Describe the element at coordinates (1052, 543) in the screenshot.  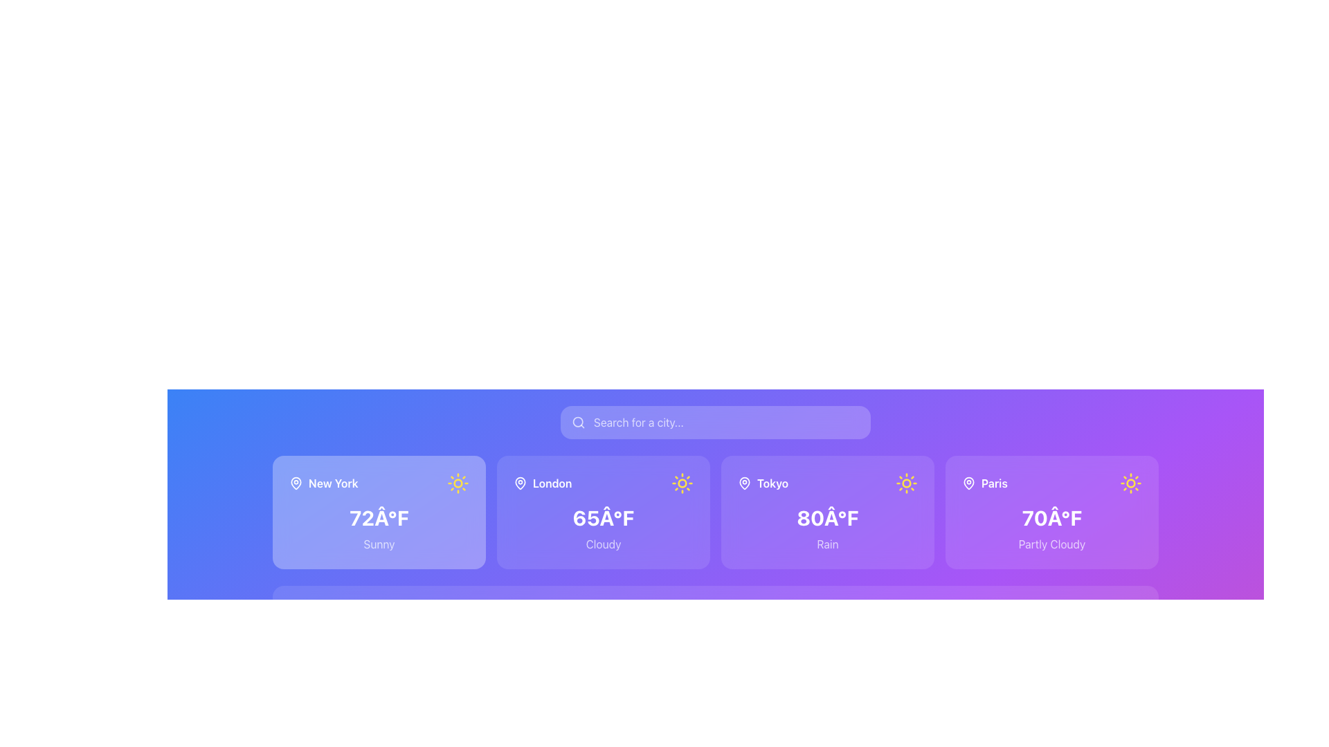
I see `the text element displaying 'Partly Cloudy' in white, located beneath the temperature display on the weather card for Paris` at that location.